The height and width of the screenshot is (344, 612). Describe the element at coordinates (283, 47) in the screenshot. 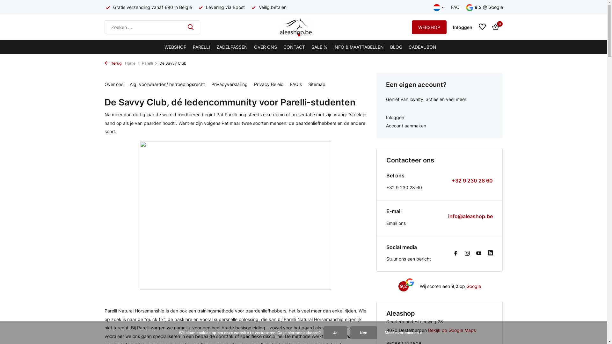

I see `'CONTACT'` at that location.